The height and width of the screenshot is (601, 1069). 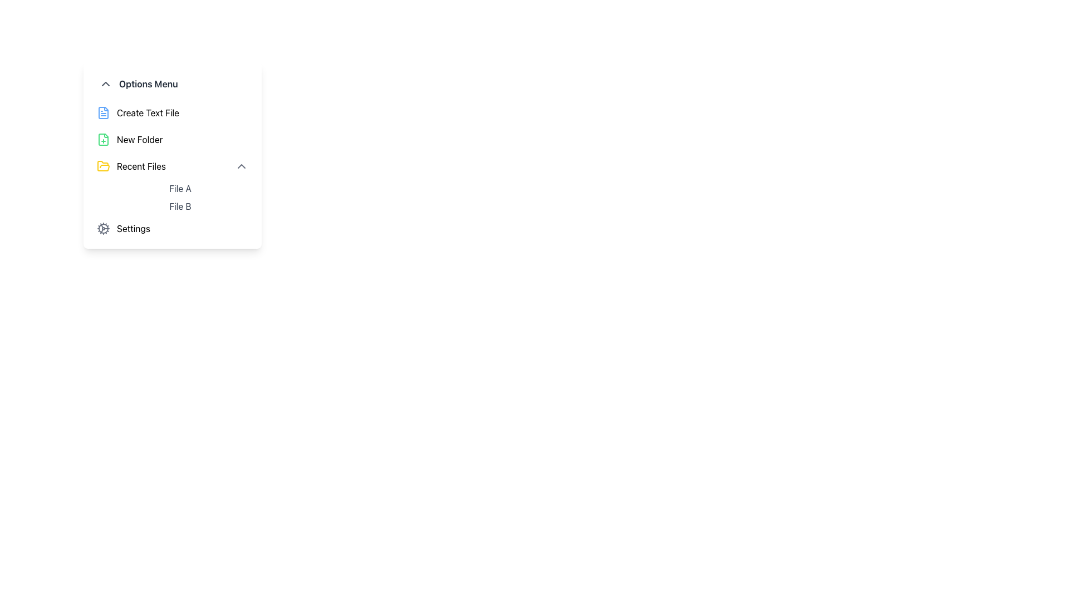 I want to click on the 'Settings' text label in the 'Options Menu', so click(x=134, y=228).